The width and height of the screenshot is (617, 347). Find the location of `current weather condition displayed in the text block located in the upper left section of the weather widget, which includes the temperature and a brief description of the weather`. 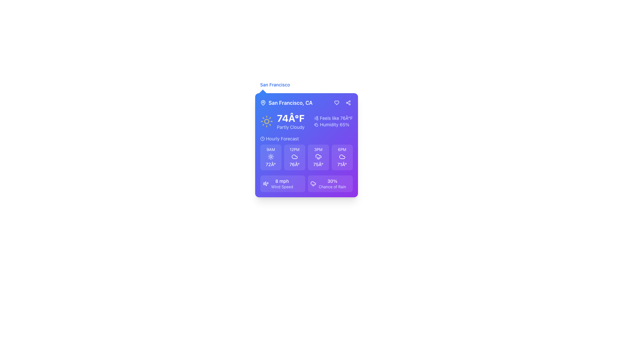

current weather condition displayed in the text block located in the upper left section of the weather widget, which includes the temperature and a brief description of the weather is located at coordinates (282, 121).